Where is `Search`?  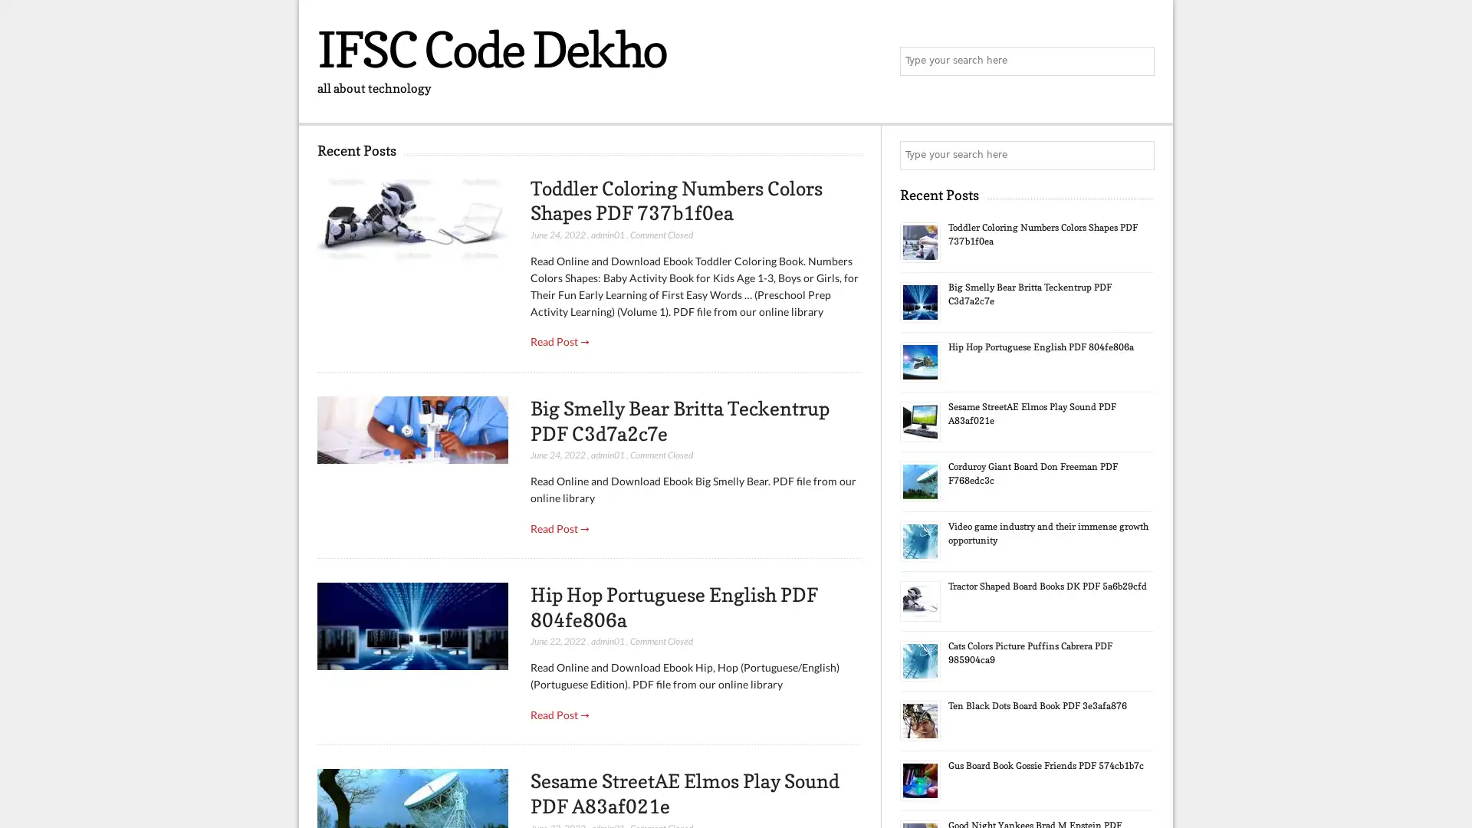
Search is located at coordinates (1138, 61).